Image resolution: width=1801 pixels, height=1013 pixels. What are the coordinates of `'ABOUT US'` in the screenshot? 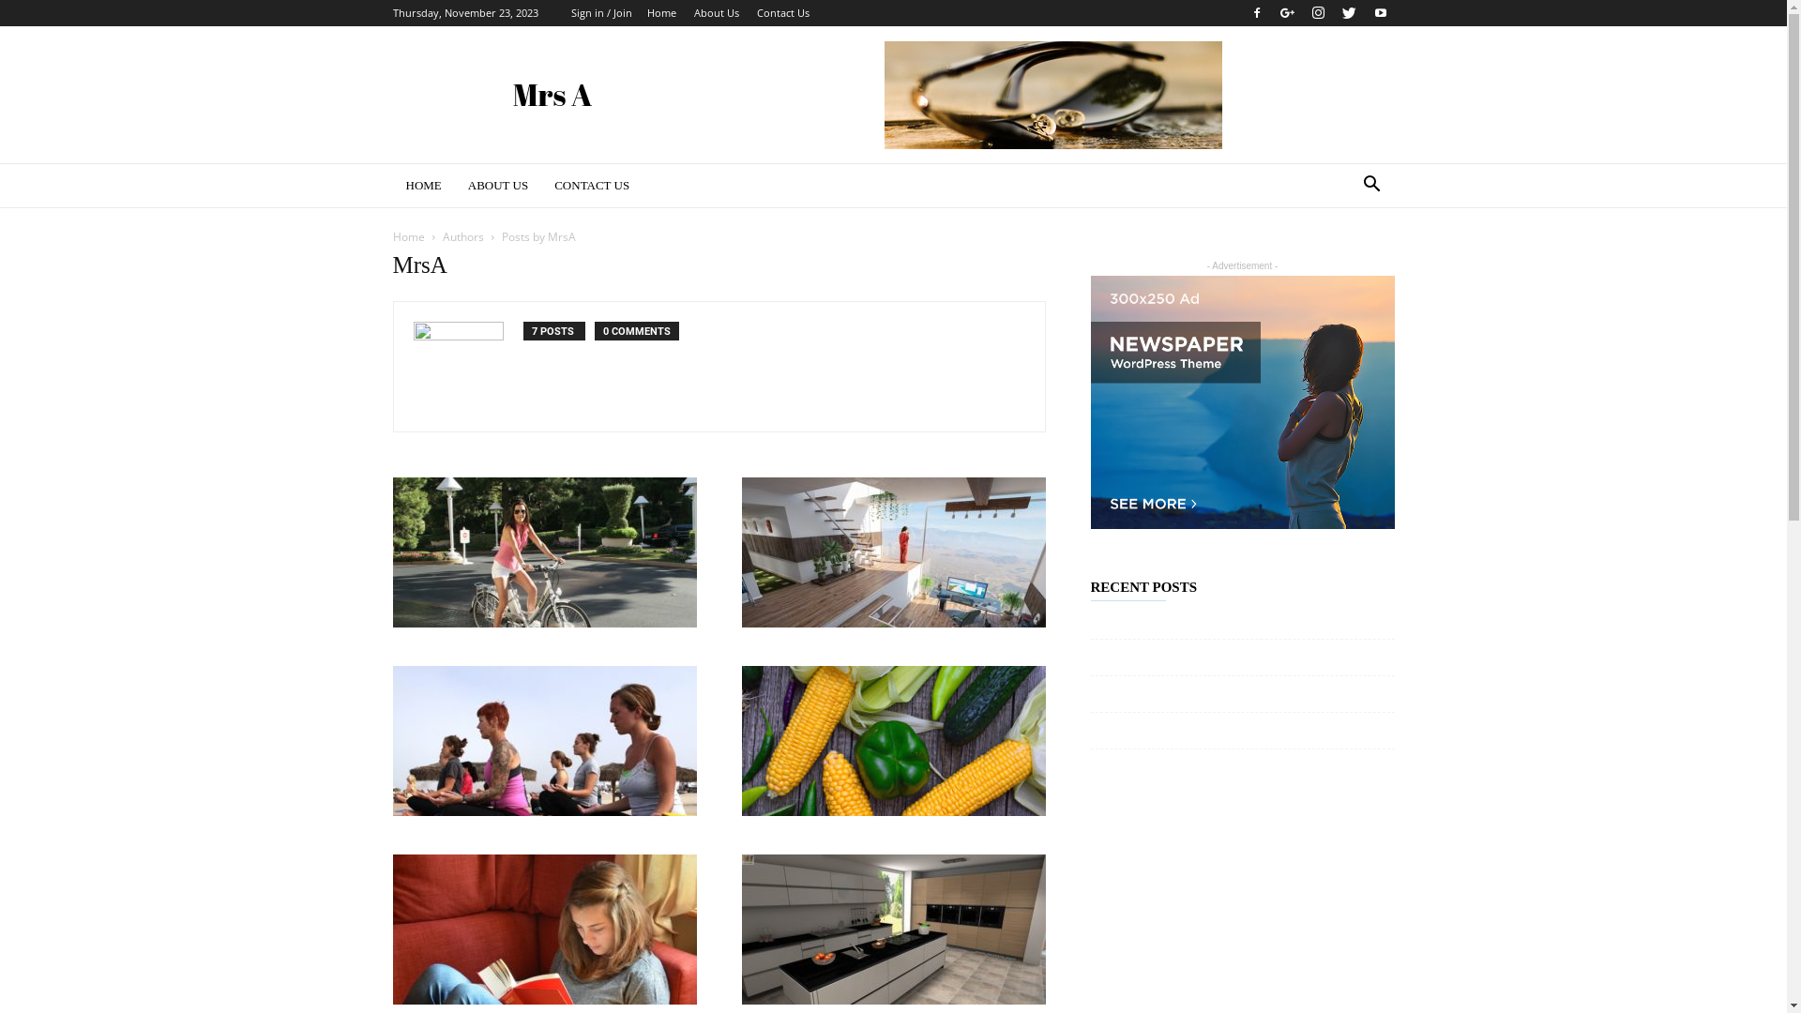 It's located at (498, 185).